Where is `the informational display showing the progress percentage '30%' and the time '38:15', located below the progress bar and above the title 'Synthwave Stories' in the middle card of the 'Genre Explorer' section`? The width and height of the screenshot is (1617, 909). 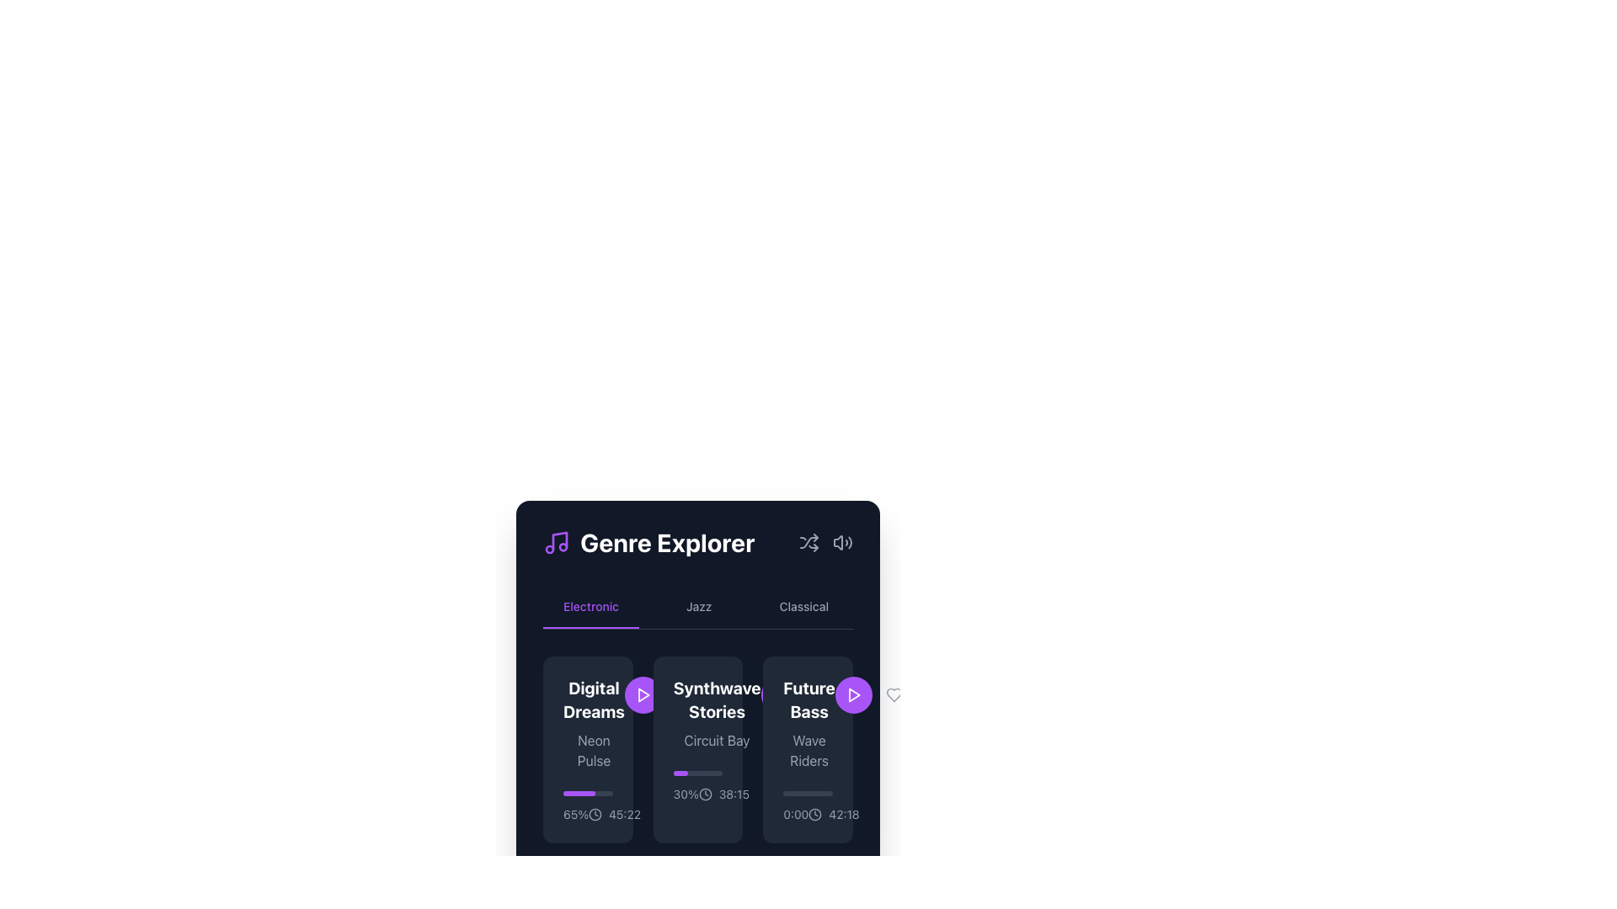
the informational display showing the progress percentage '30%' and the time '38:15', located below the progress bar and above the title 'Synthwave Stories' in the middle card of the 'Genre Explorer' section is located at coordinates (698, 795).